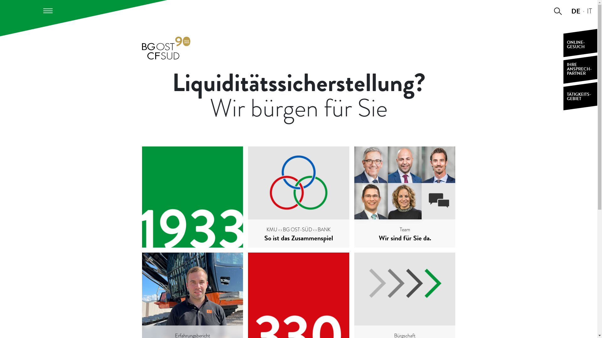 The height and width of the screenshot is (338, 602). I want to click on 'IT', so click(587, 11).